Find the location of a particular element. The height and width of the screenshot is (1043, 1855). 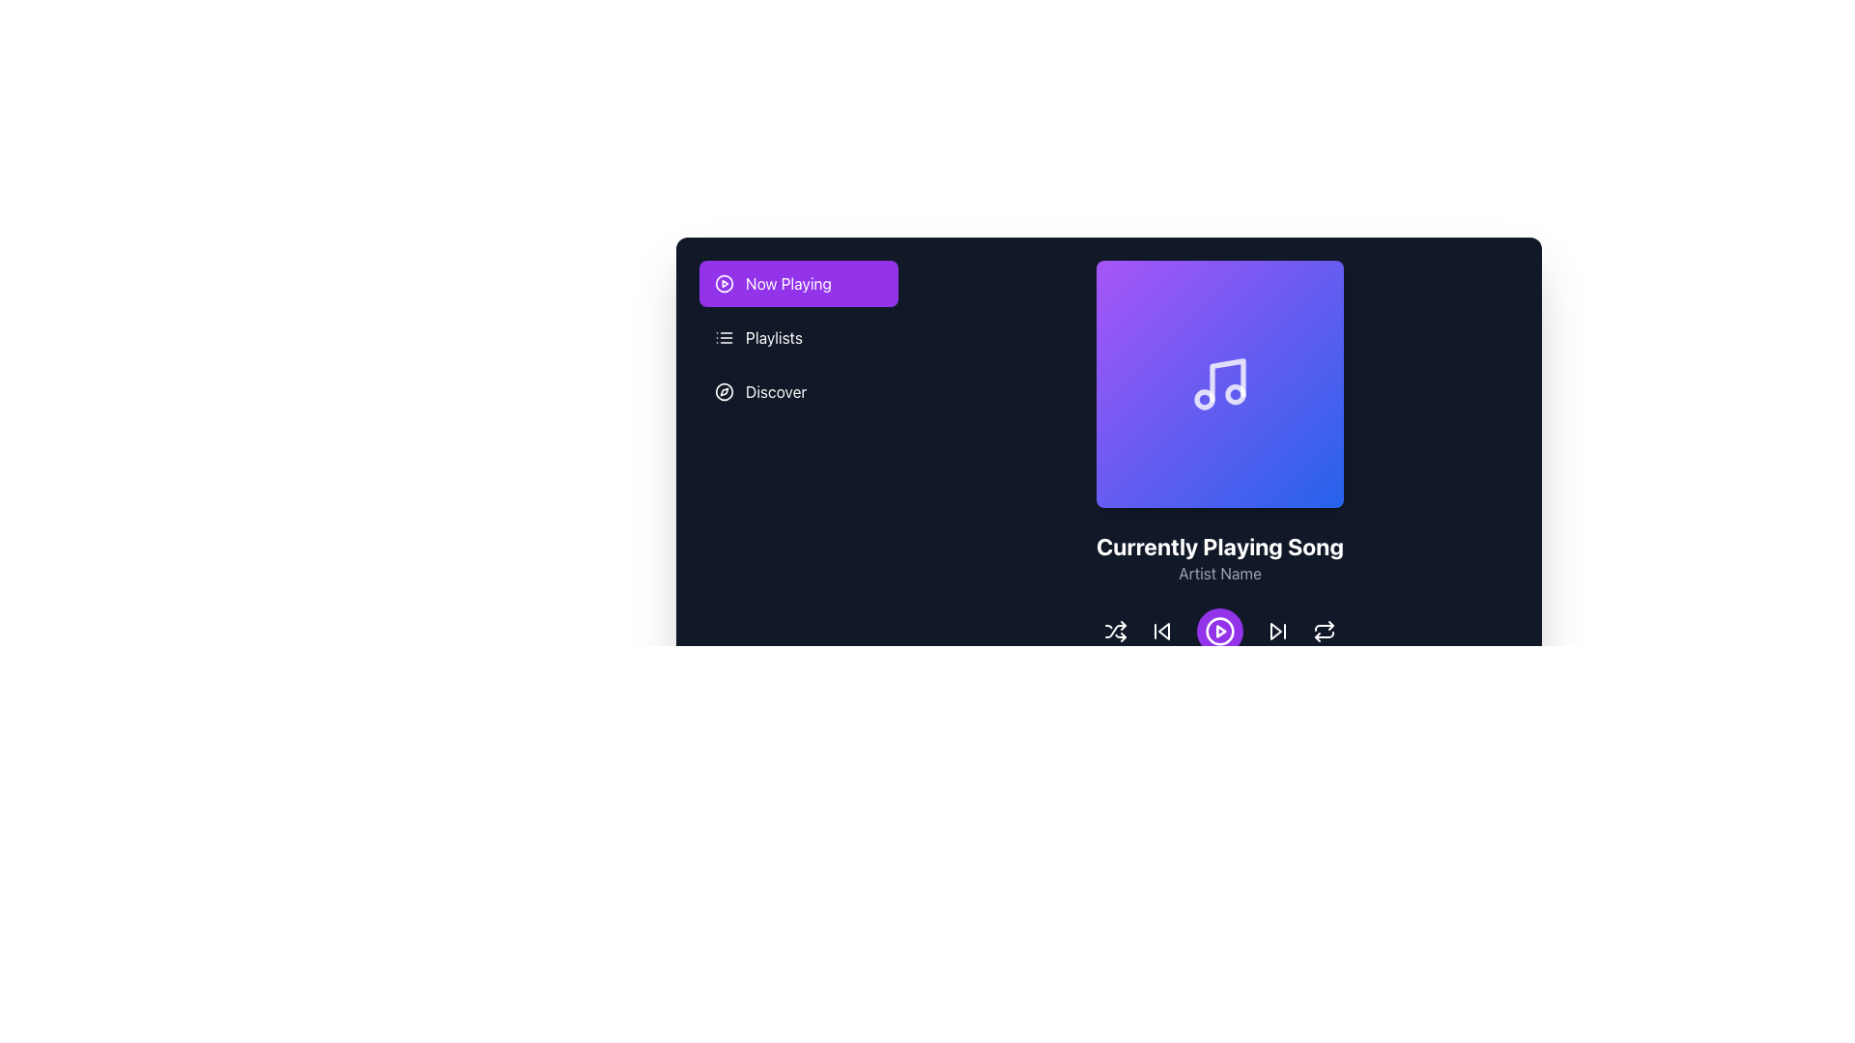

the circular button with a purple background and a white play icon located at the bottom of the interface to play is located at coordinates (1218, 632).